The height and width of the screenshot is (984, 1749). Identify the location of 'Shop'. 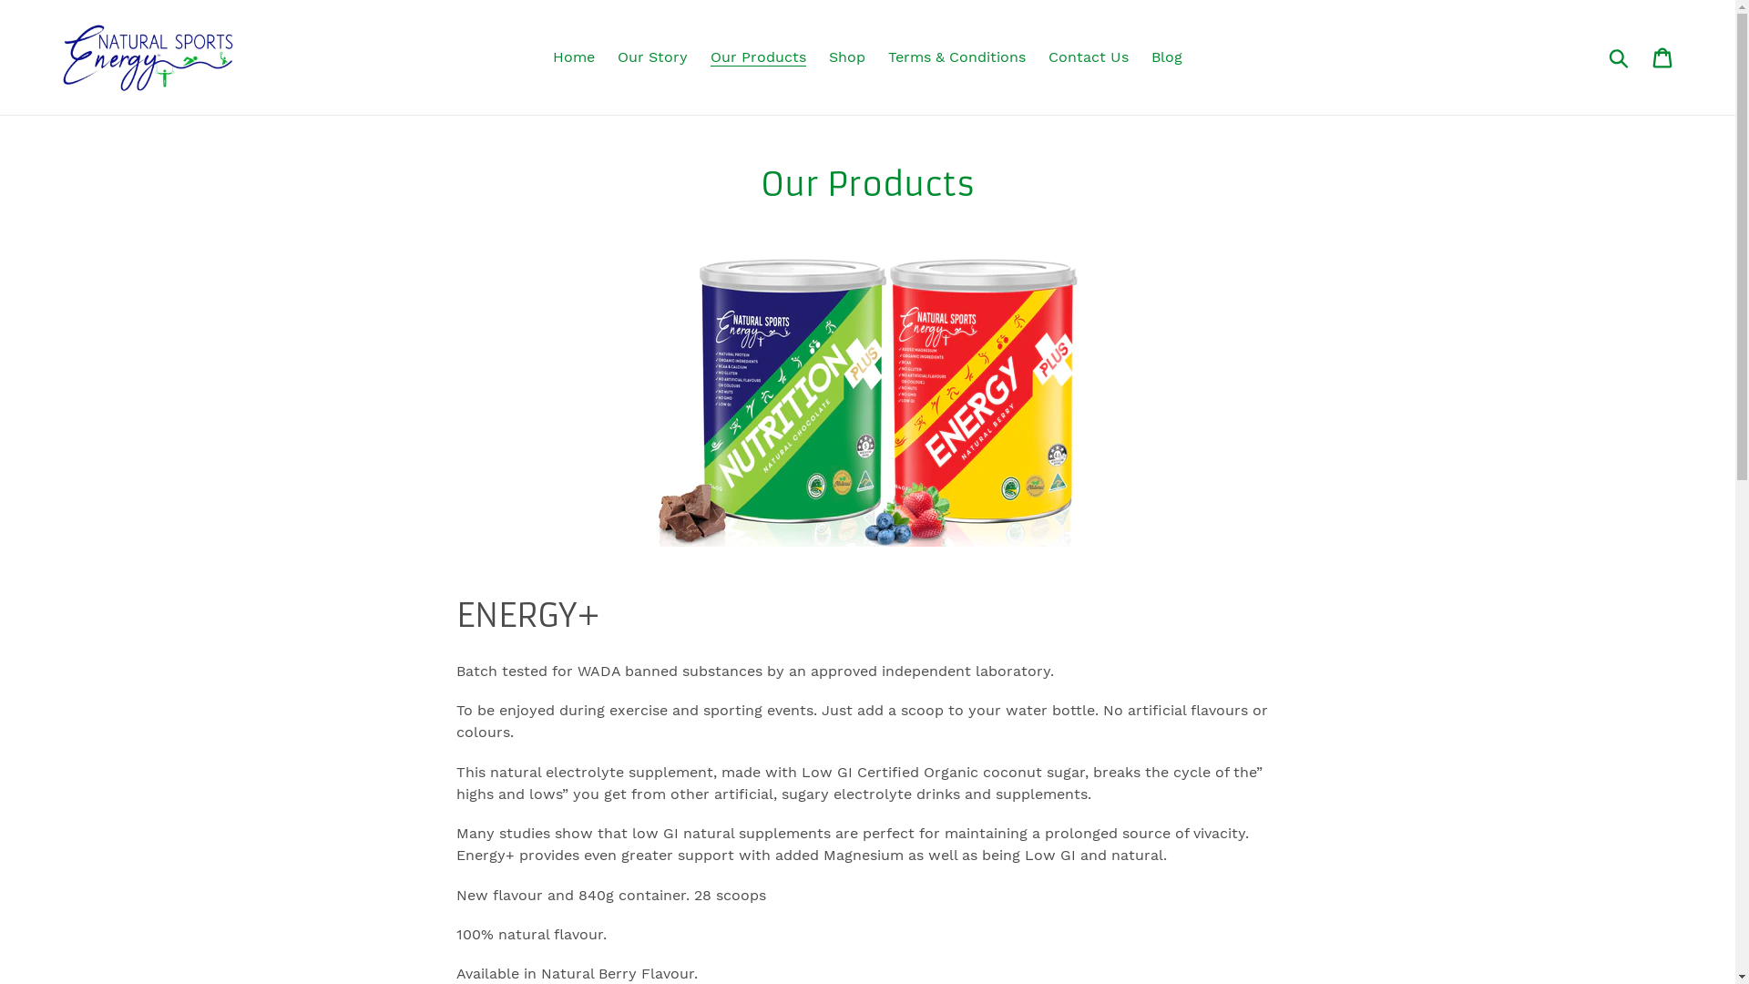
(846, 56).